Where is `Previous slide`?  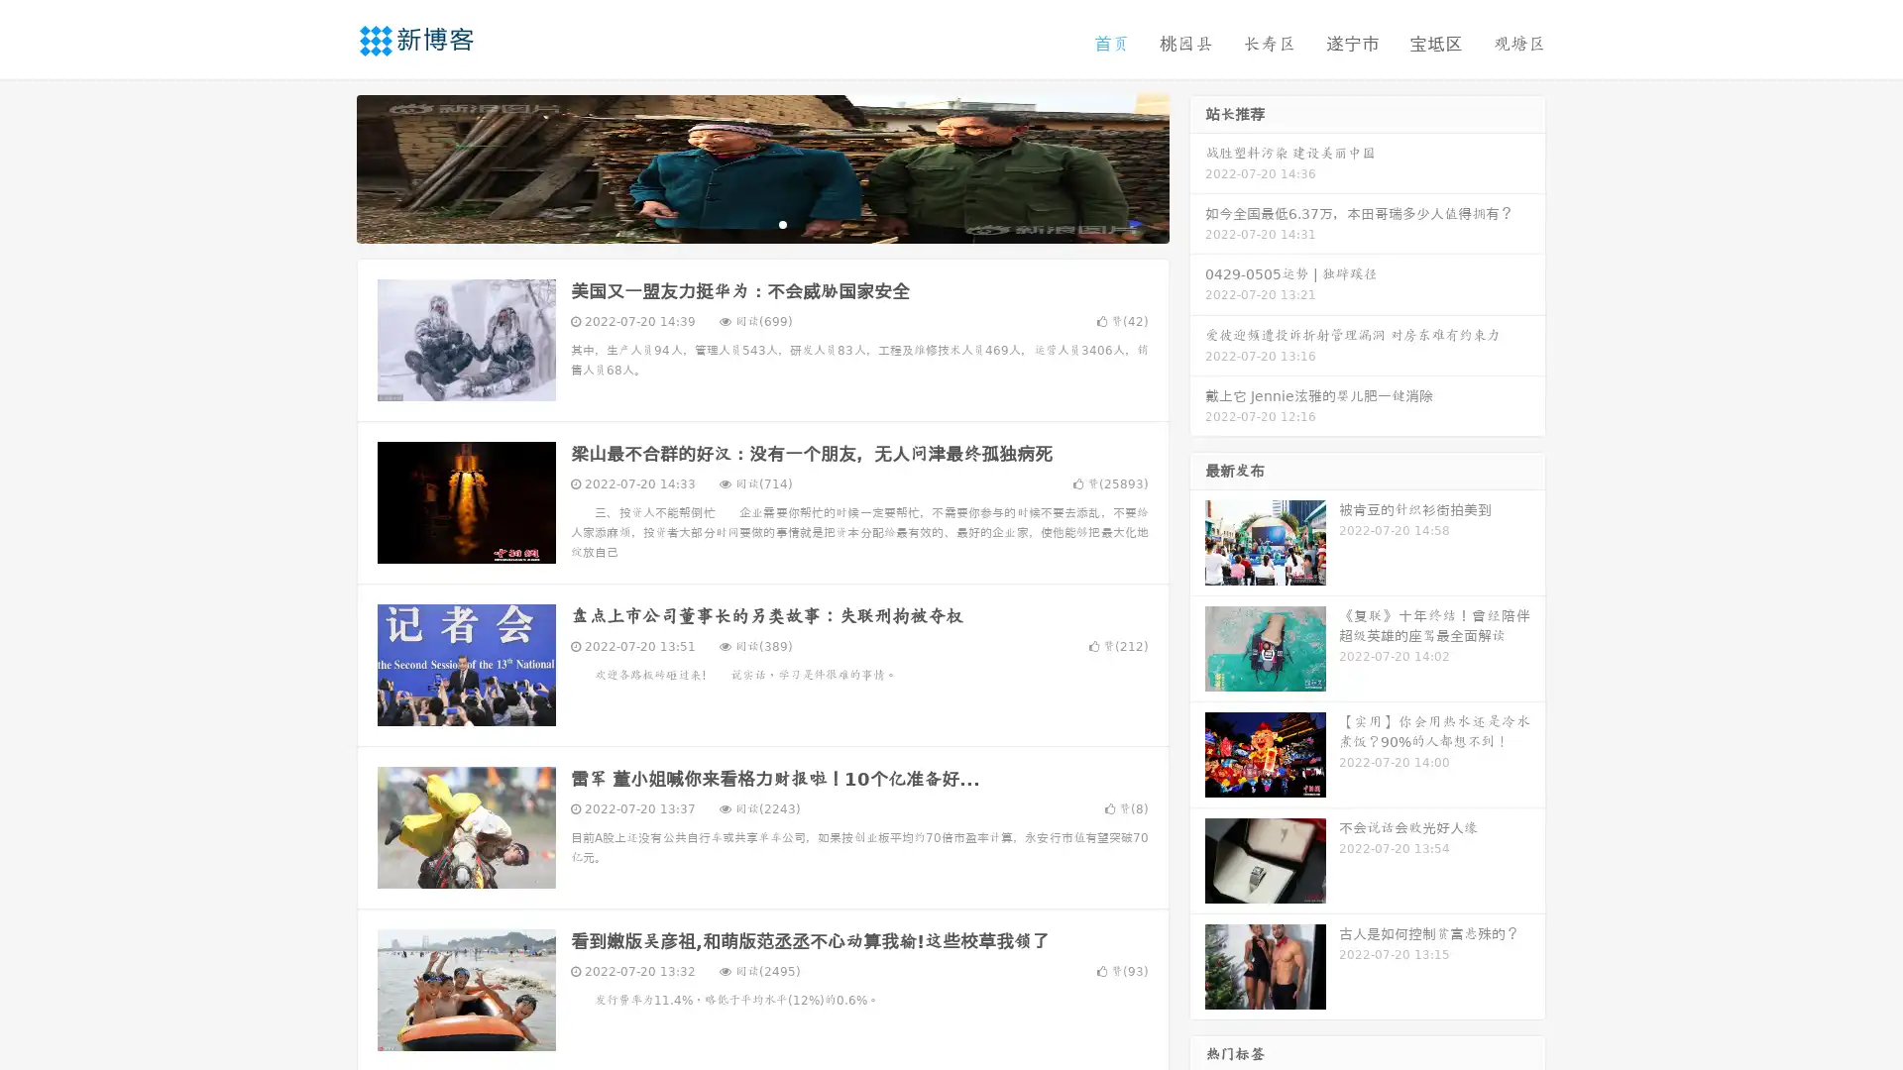 Previous slide is located at coordinates (327, 166).